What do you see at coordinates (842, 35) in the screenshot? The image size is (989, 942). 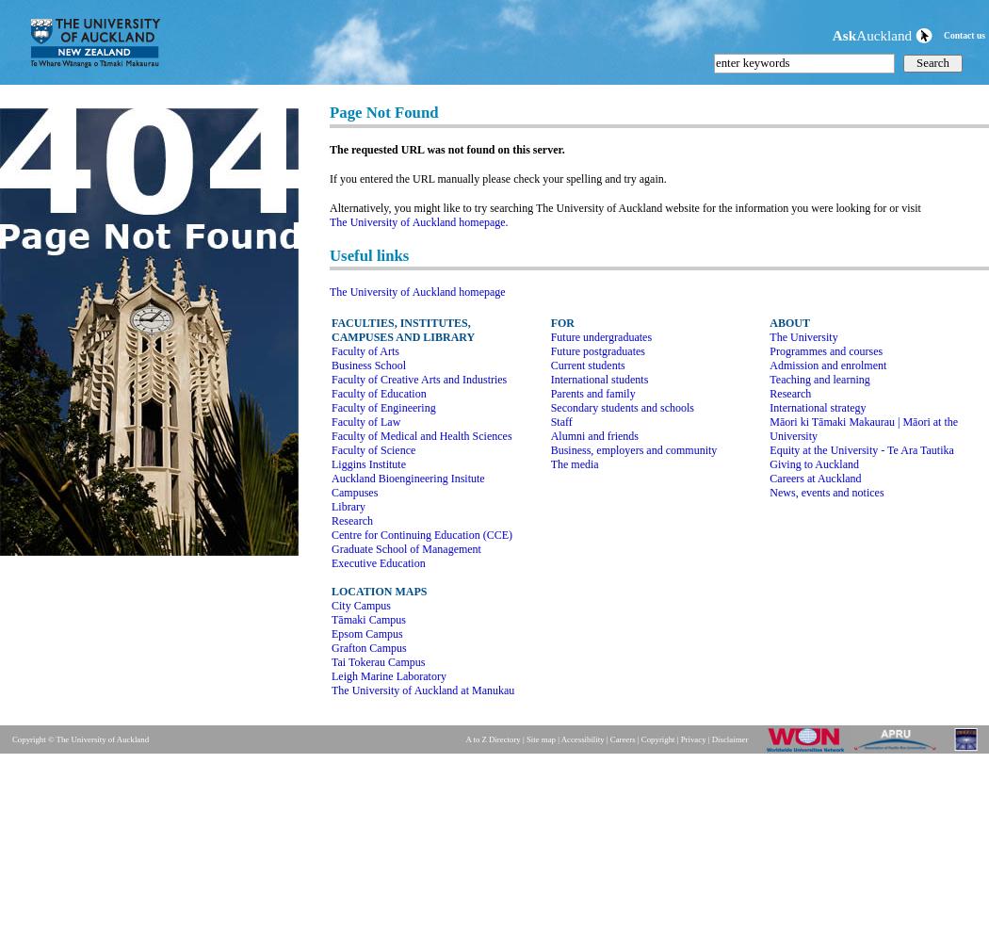 I see `'Ask'` at bounding box center [842, 35].